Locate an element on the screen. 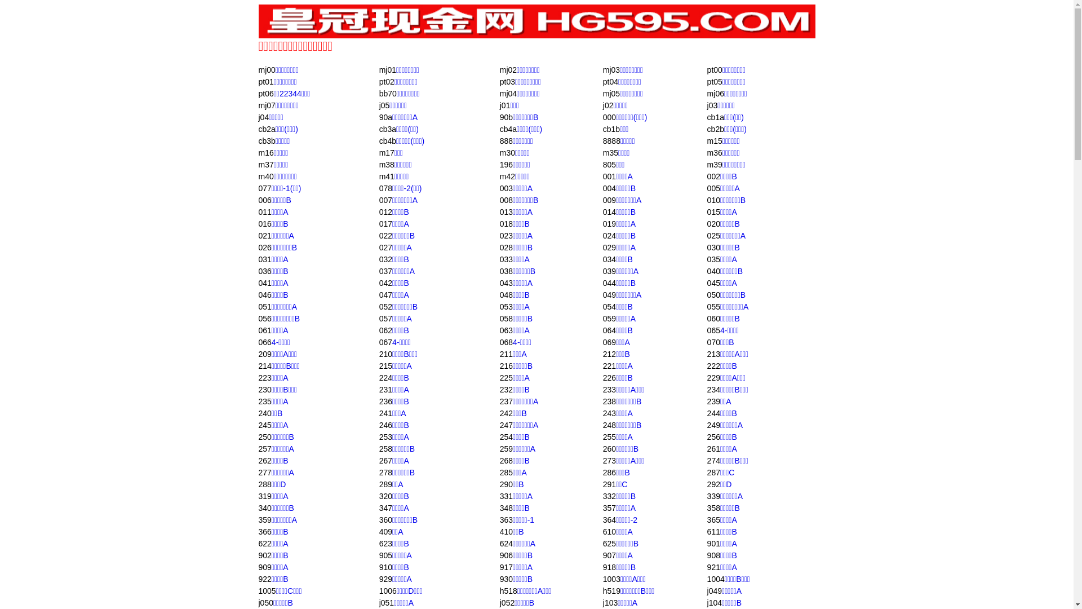  '044' is located at coordinates (609, 282).